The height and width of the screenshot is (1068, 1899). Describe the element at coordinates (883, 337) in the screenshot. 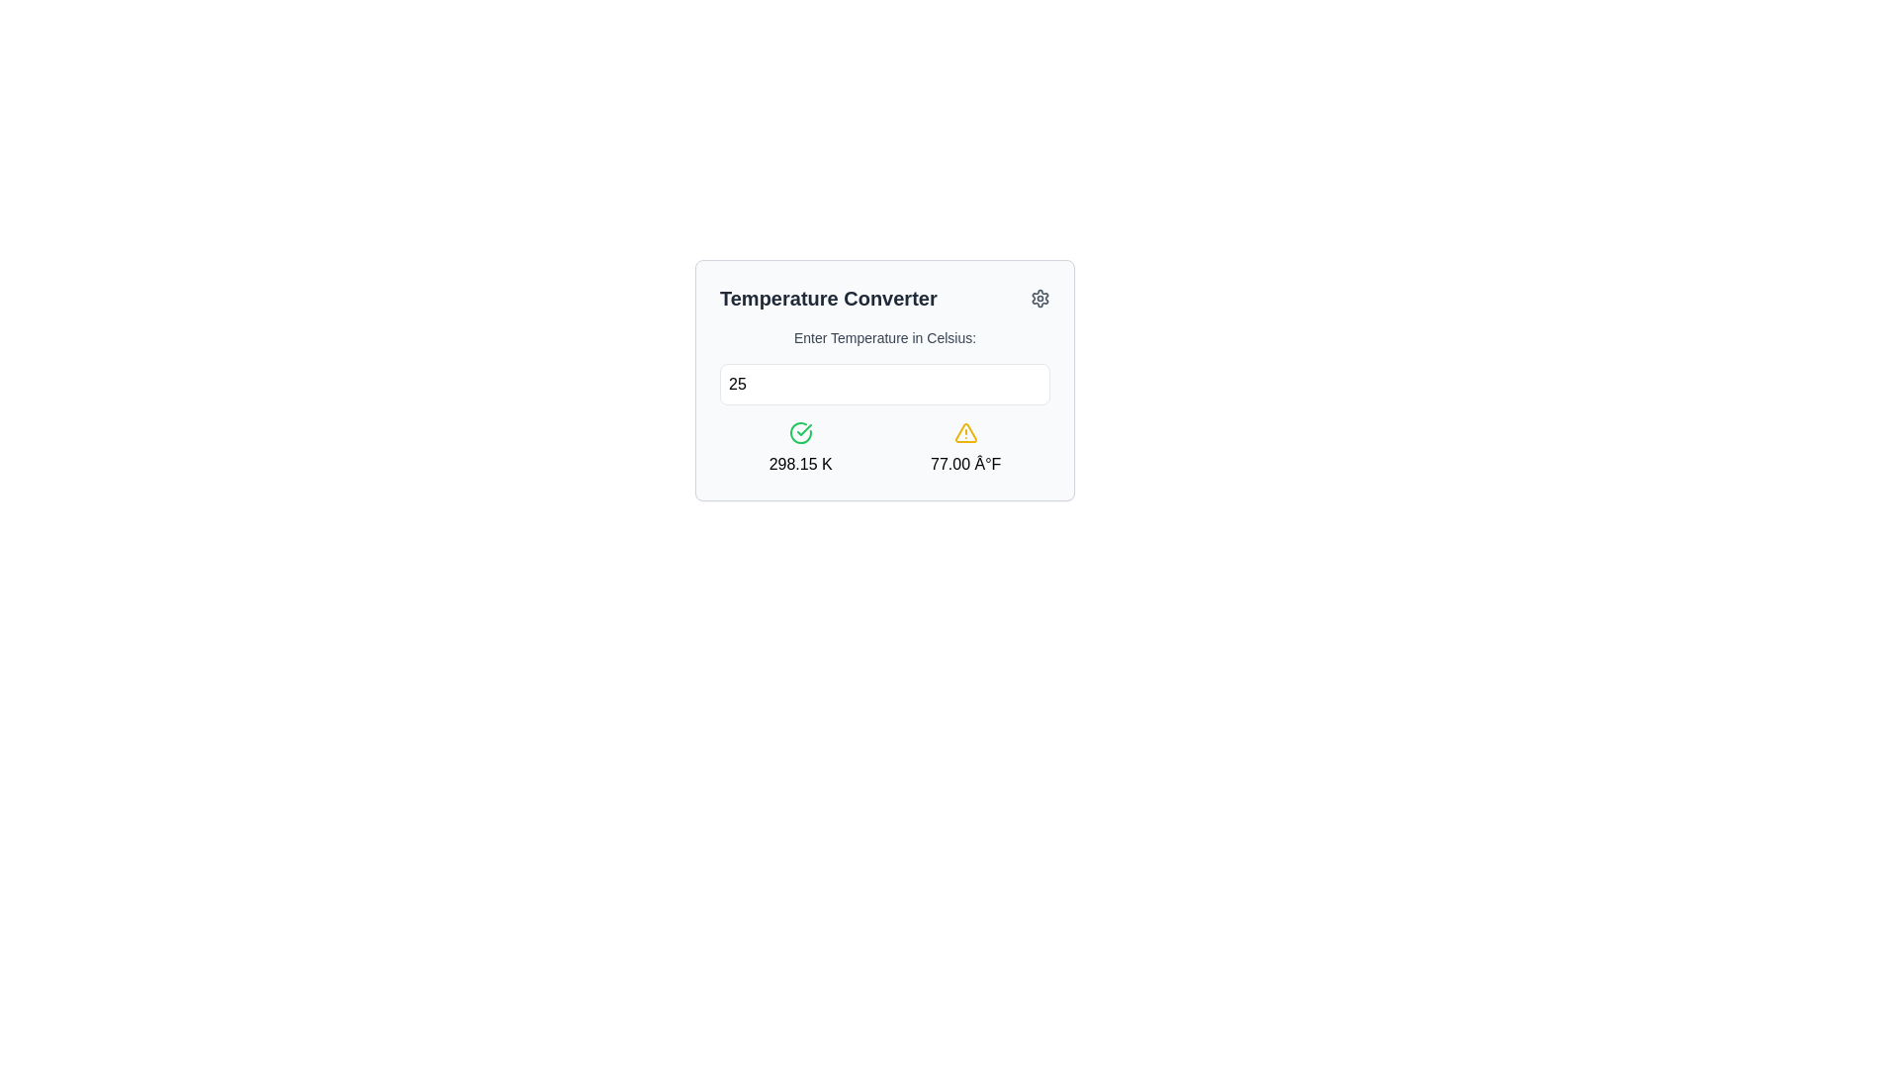

I see `the static text label reading 'Enter Temperature in Celsius:' which is positioned at the top of a structured group of elements in a card layout` at that location.